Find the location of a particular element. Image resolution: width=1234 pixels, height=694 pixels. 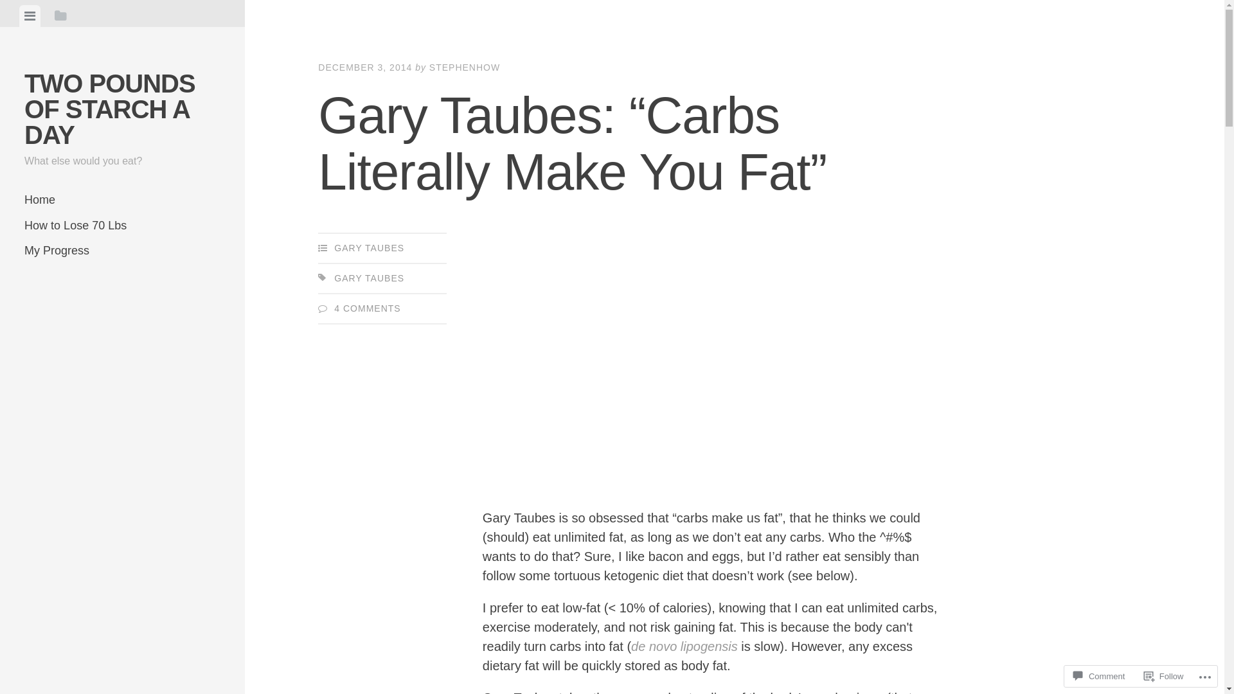

'Comment' is located at coordinates (1098, 675).